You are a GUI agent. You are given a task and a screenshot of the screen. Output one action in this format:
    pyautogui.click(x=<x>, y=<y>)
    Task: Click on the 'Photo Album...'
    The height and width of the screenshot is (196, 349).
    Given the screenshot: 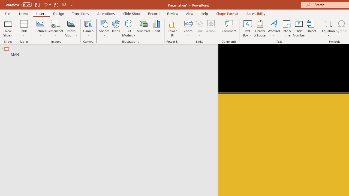 What is the action you would take?
    pyautogui.click(x=71, y=28)
    